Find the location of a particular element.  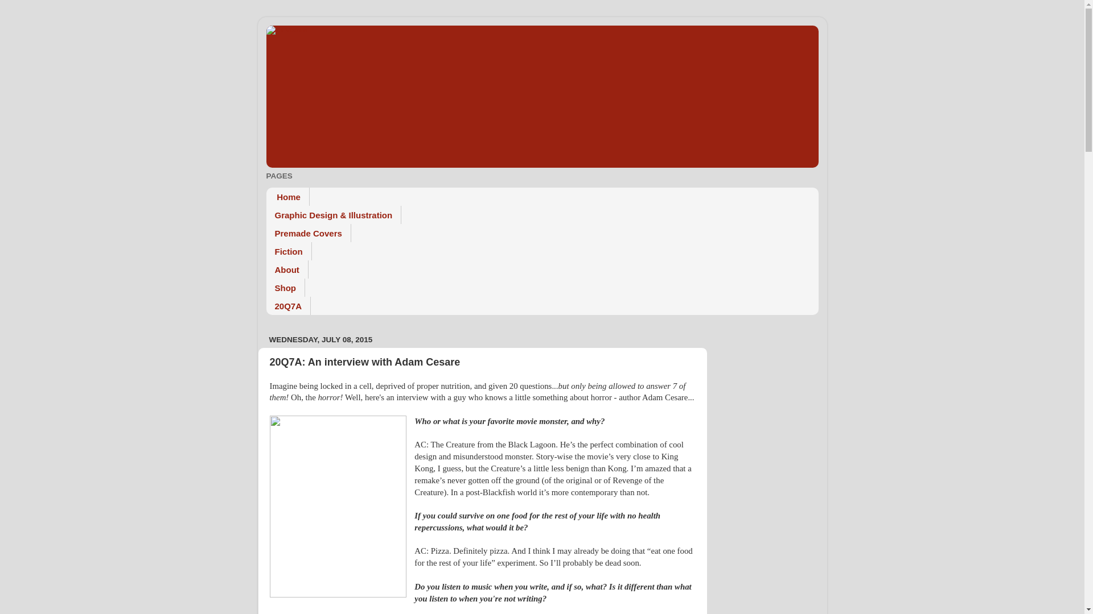

'Home' is located at coordinates (287, 196).